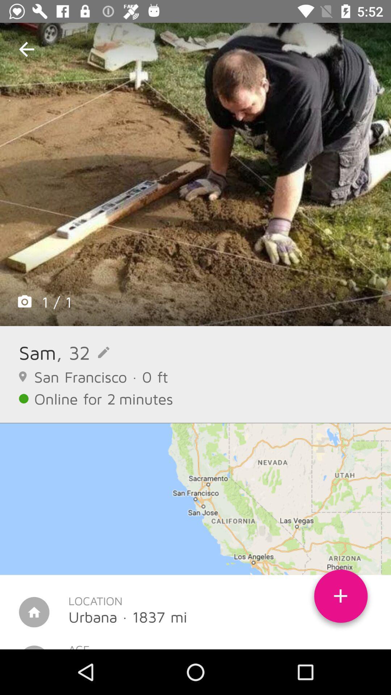 The width and height of the screenshot is (391, 695). Describe the element at coordinates (37, 352) in the screenshot. I see `icon next to , 32` at that location.